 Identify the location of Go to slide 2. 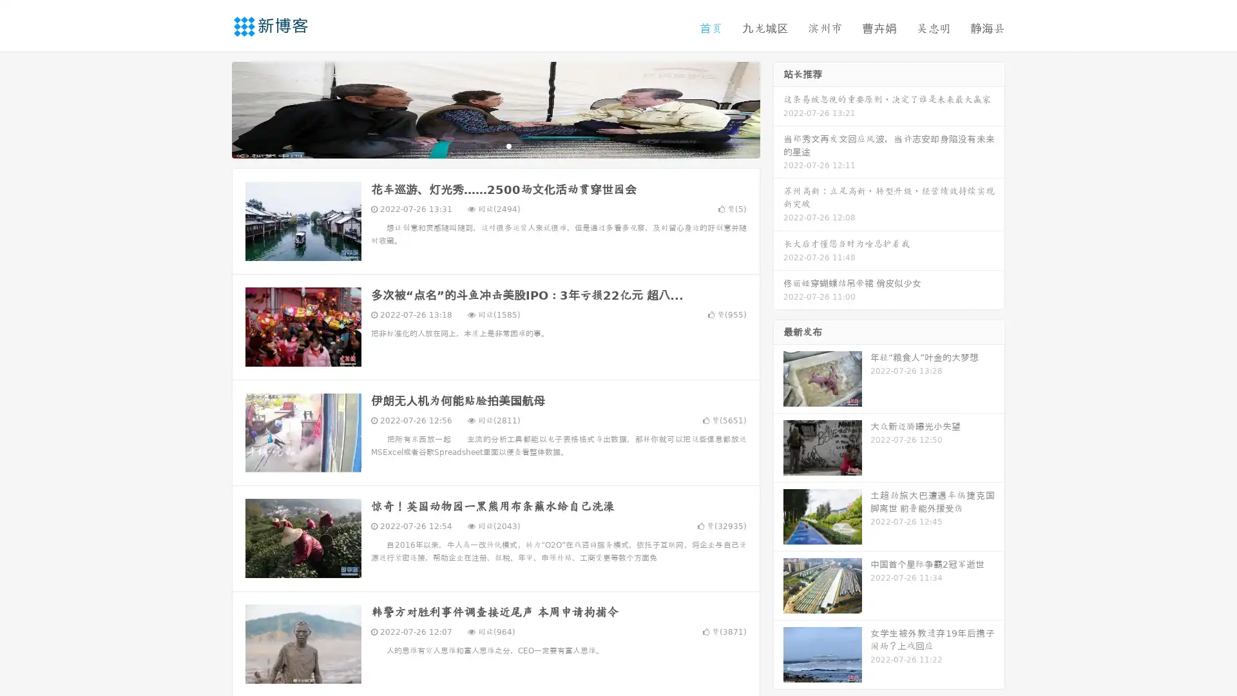
(495, 145).